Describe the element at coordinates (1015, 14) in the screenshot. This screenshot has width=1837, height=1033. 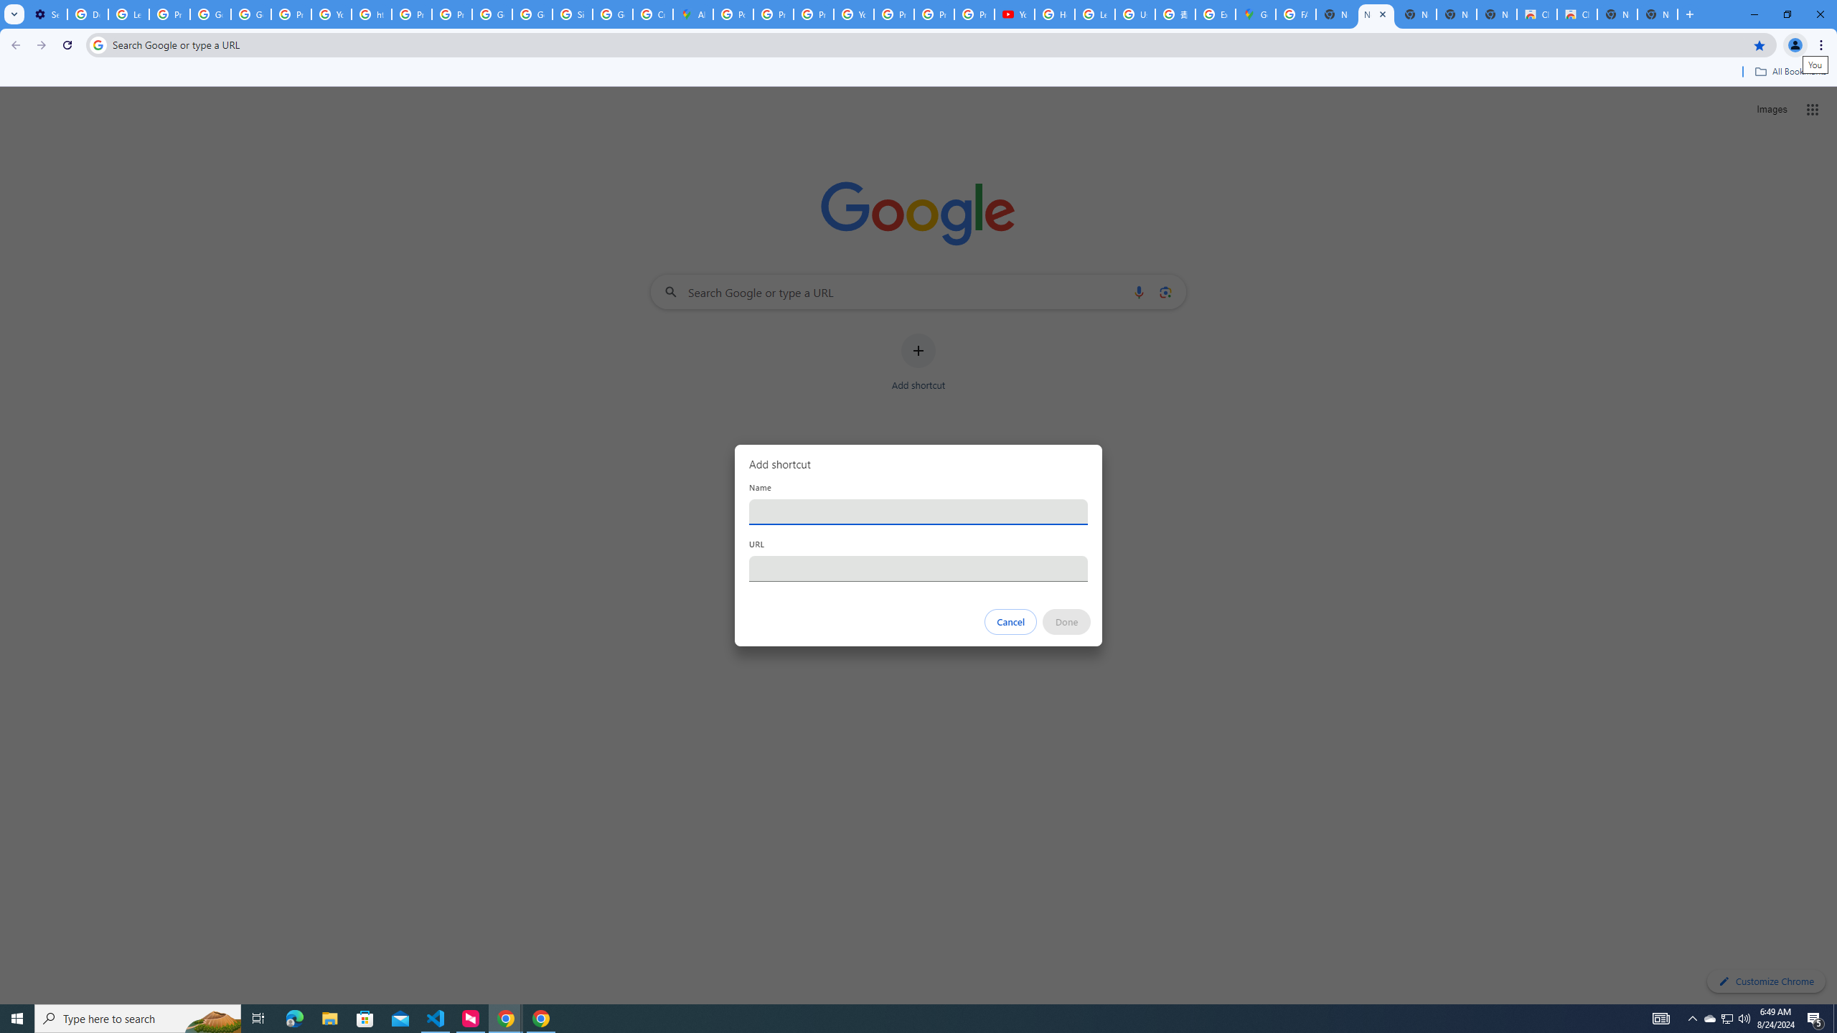
I see `'YouTube'` at that location.